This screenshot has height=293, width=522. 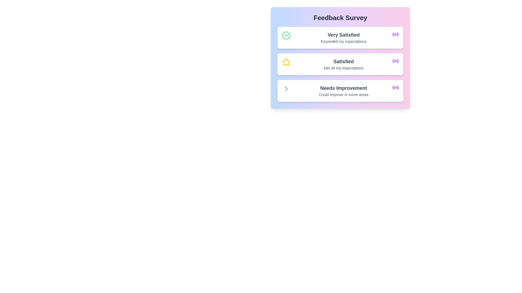 What do you see at coordinates (286, 64) in the screenshot?
I see `the yellow star icon located at the beginning of the 'Satisfied' feedback option` at bounding box center [286, 64].